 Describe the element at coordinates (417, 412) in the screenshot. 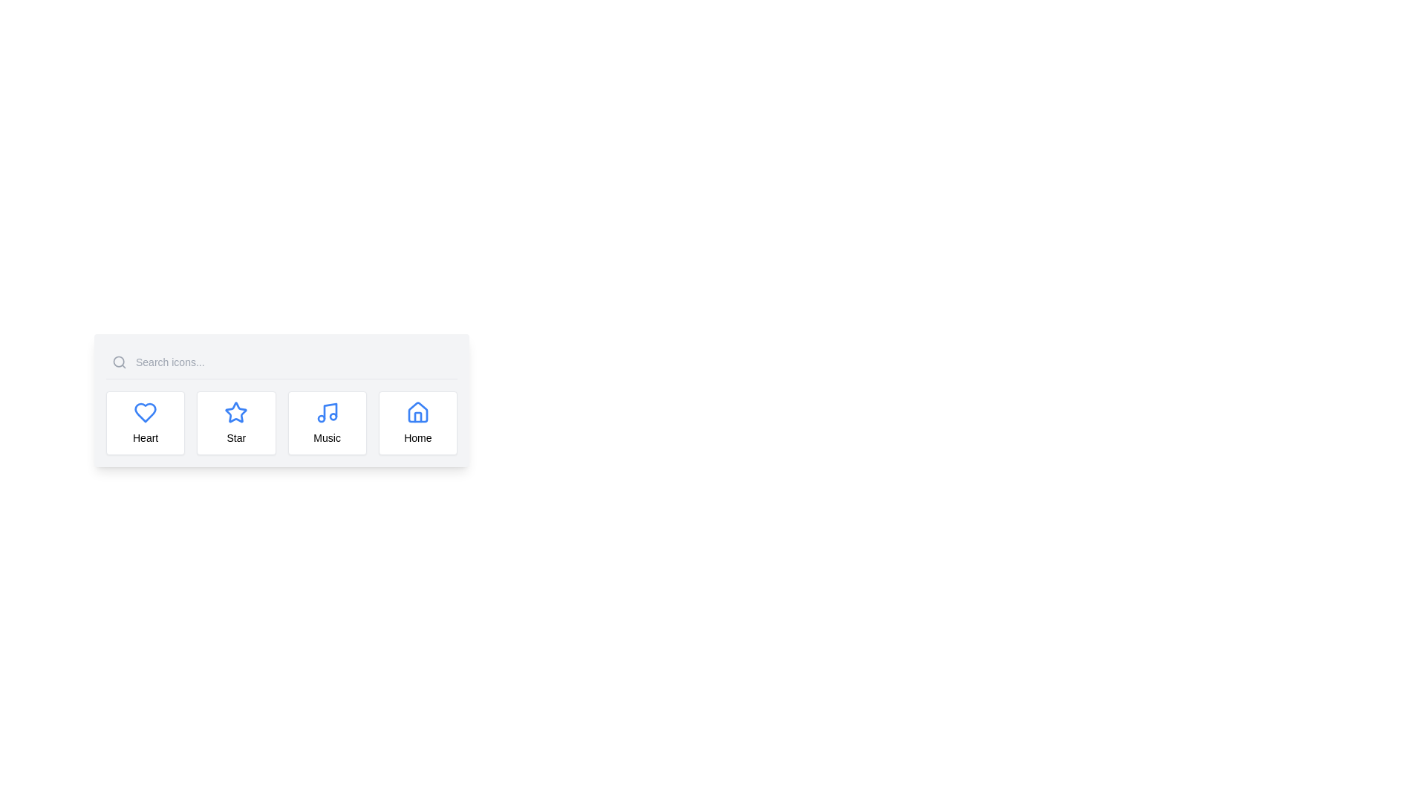

I see `the blue house icon, which is the fourth icon from the left in a horizontal layout of icons` at that location.